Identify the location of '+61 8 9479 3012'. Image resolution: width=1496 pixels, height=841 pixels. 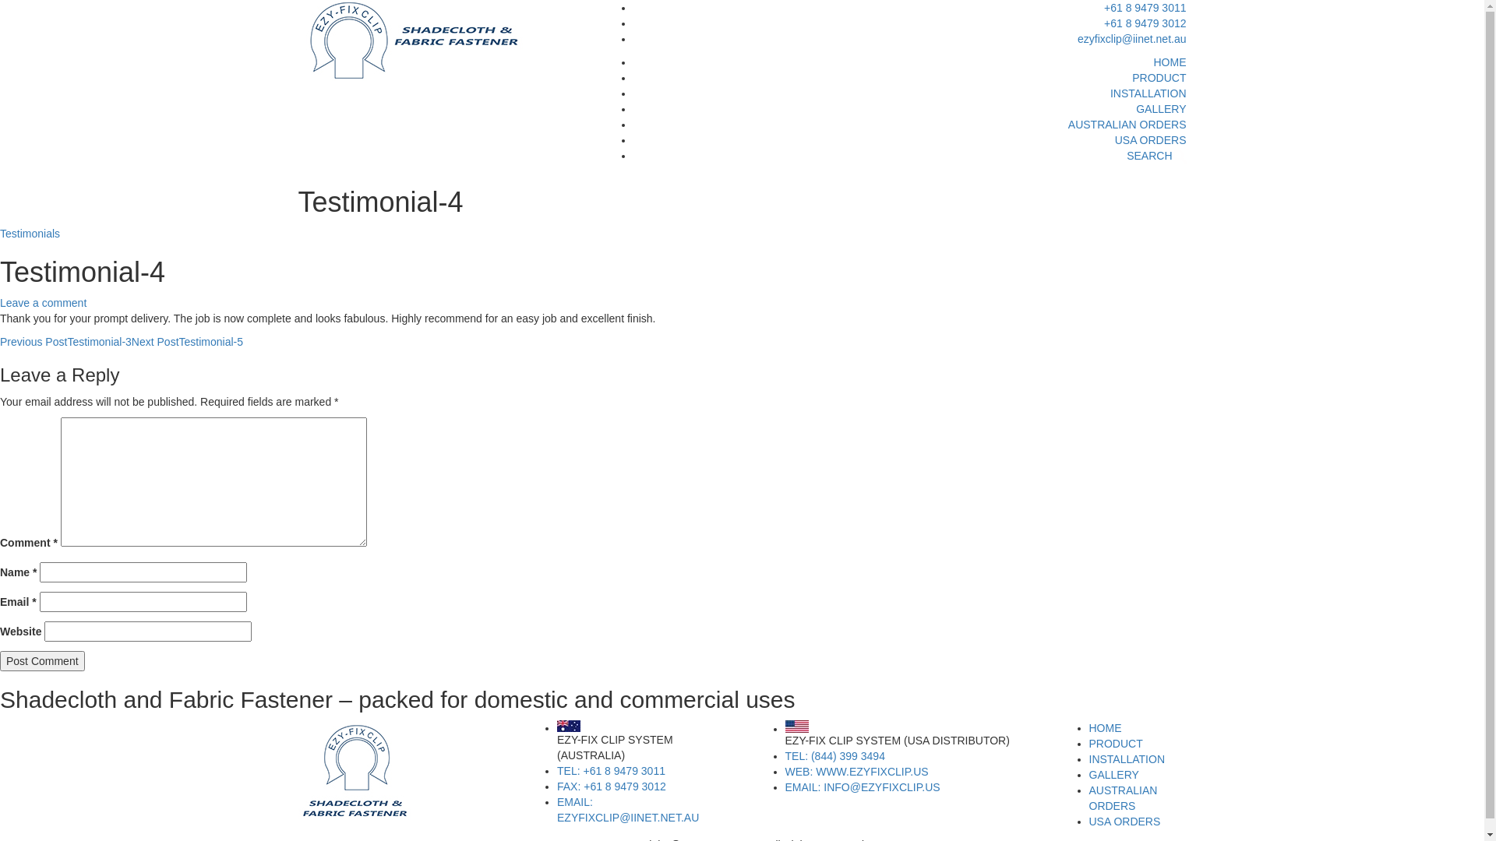
(1145, 23).